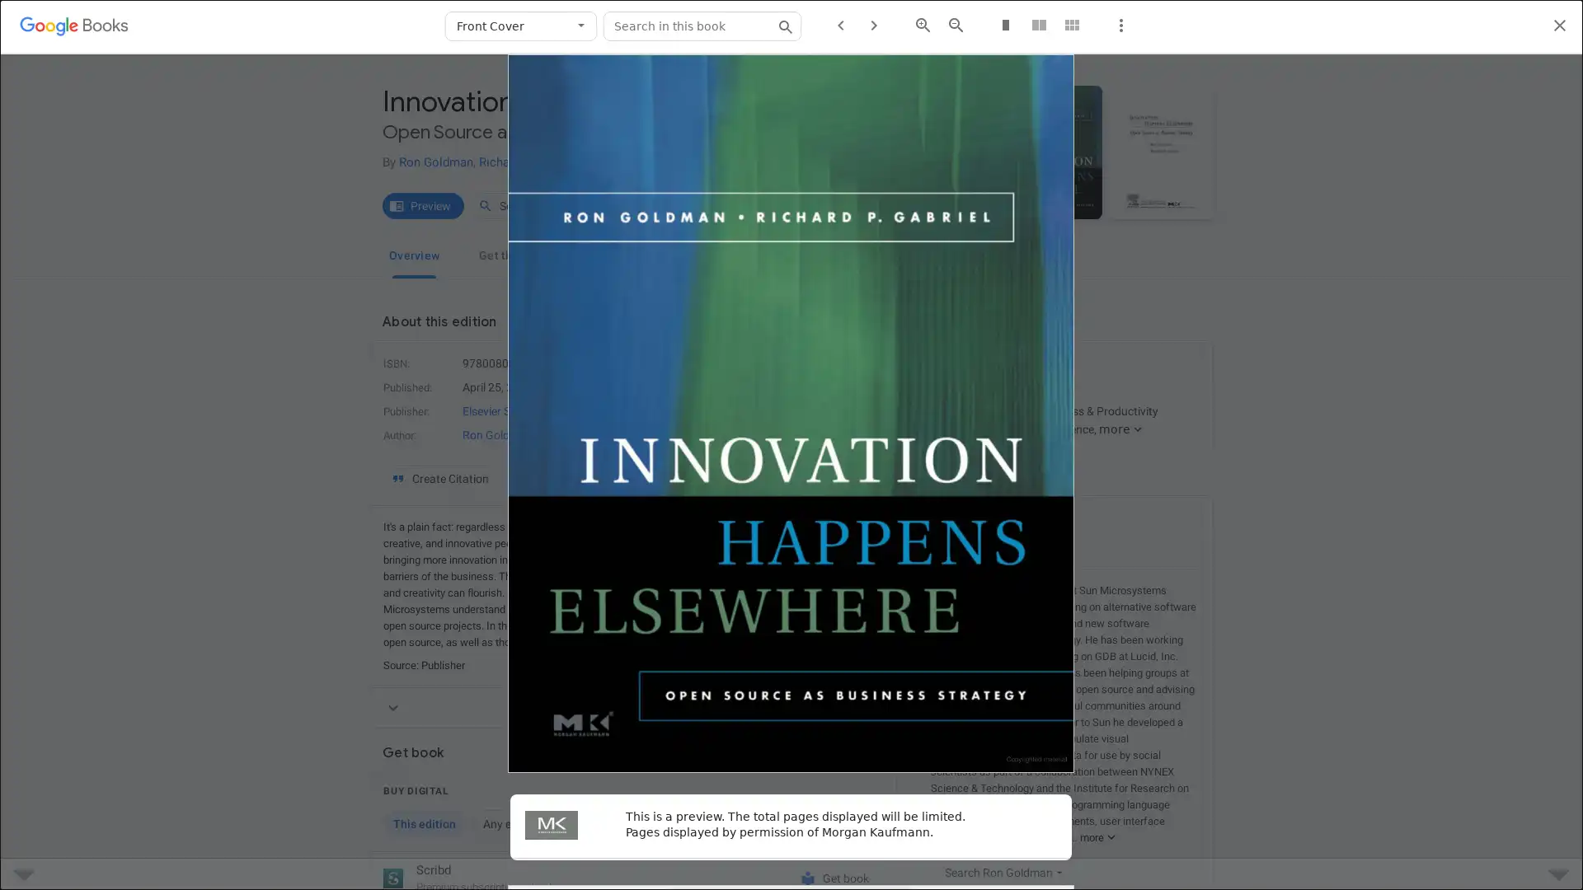 Image resolution: width=1583 pixels, height=890 pixels. I want to click on Google apps, so click(1457, 26).